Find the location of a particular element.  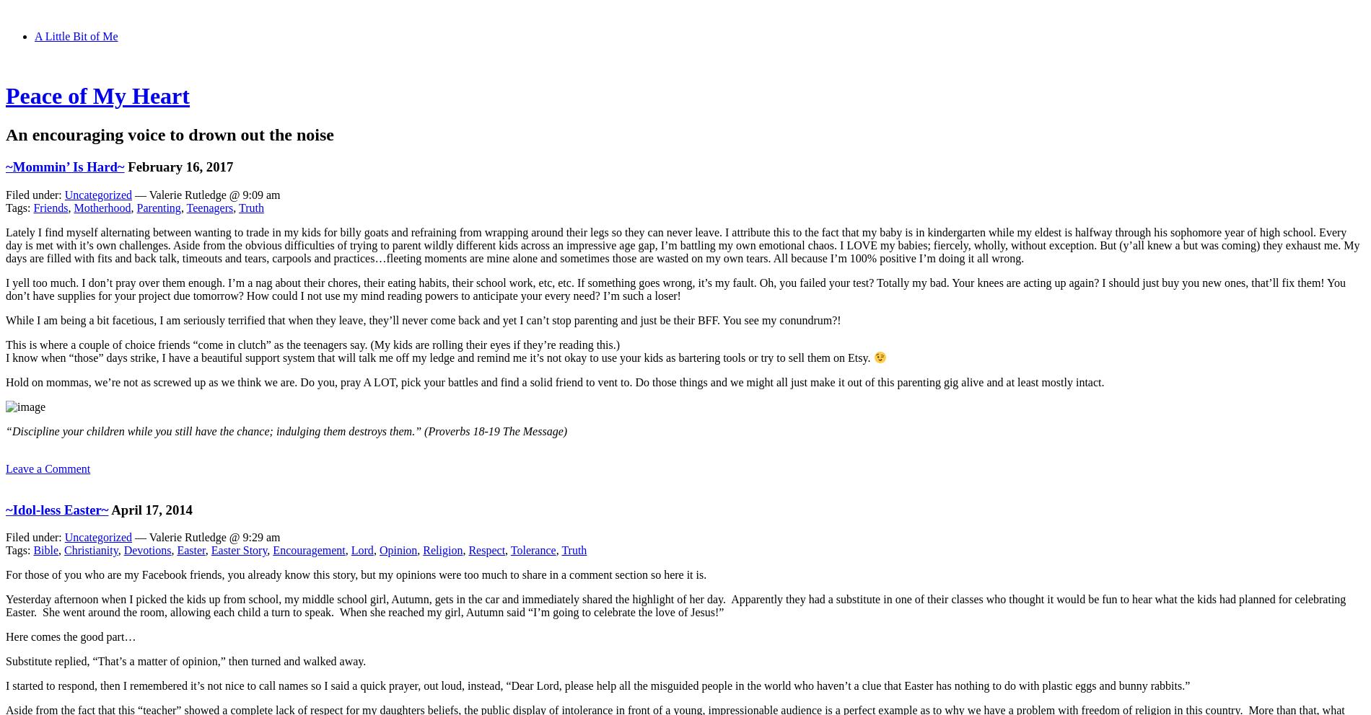

'I know when “those” days strike, I have a beautiful support system that will talk me off my ledge and remind me it’s not okay to use your kids as bartering tools or try to sell them on Etsy.' is located at coordinates (439, 357).